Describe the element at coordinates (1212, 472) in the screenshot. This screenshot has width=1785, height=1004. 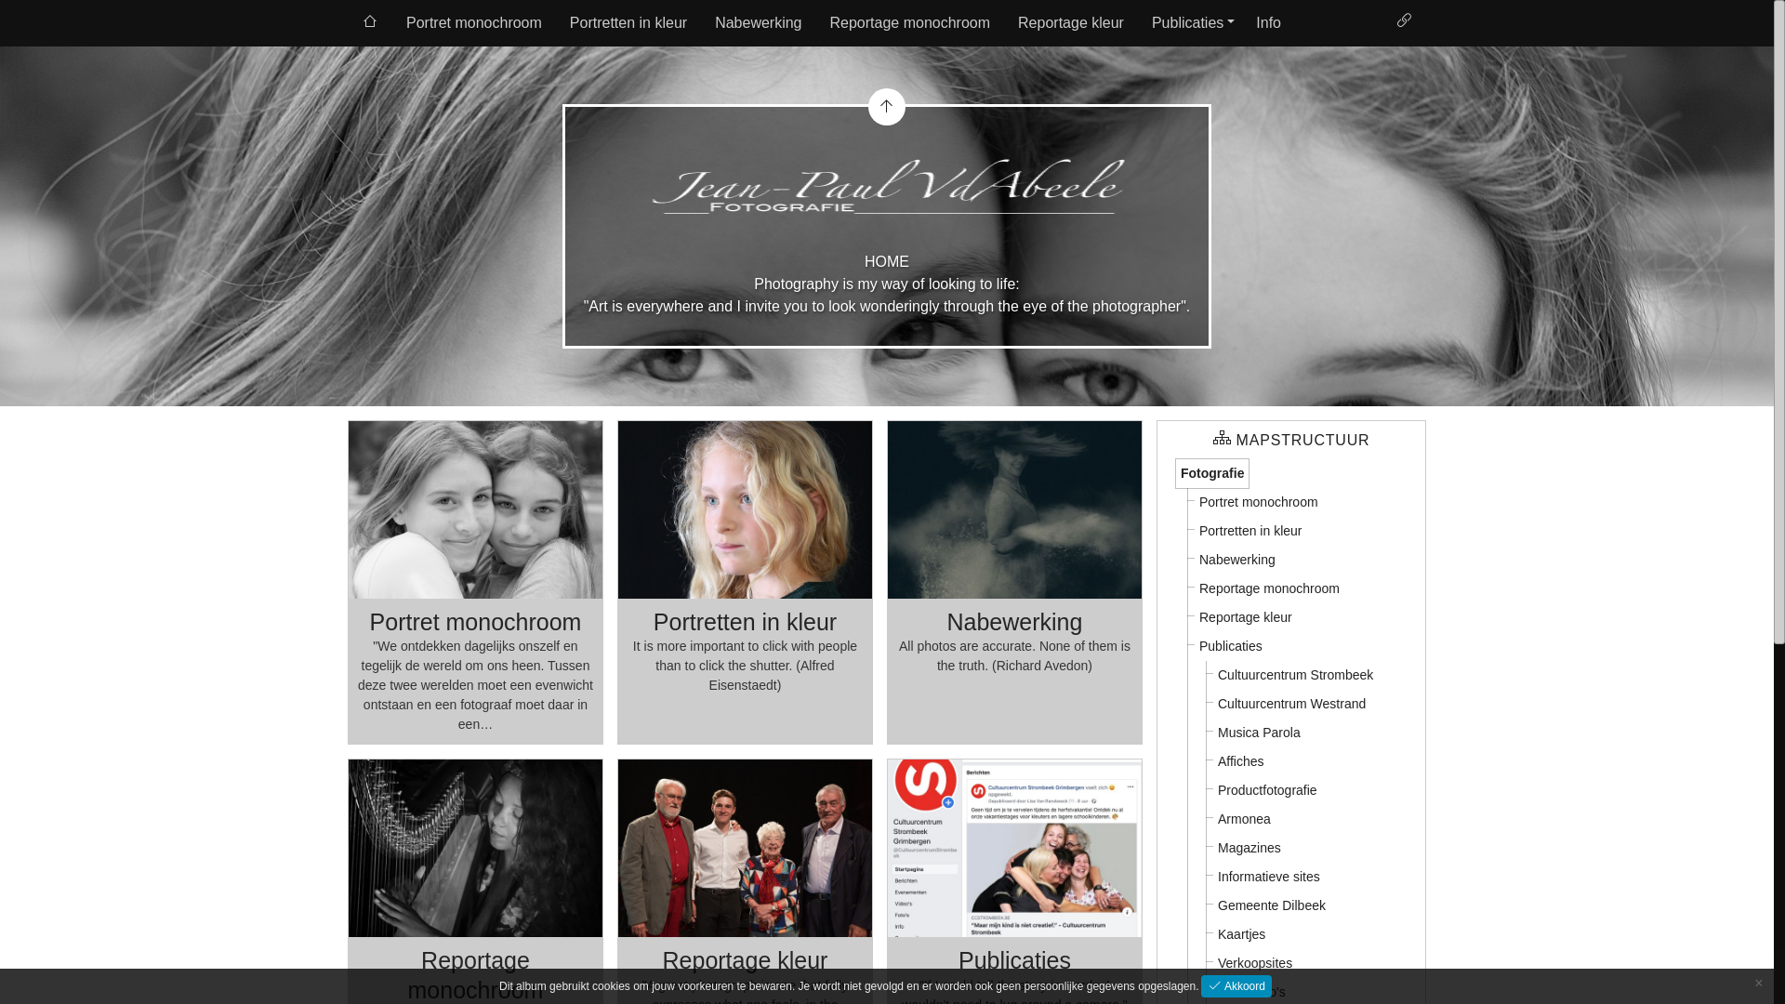
I see `'Fotografie'` at that location.